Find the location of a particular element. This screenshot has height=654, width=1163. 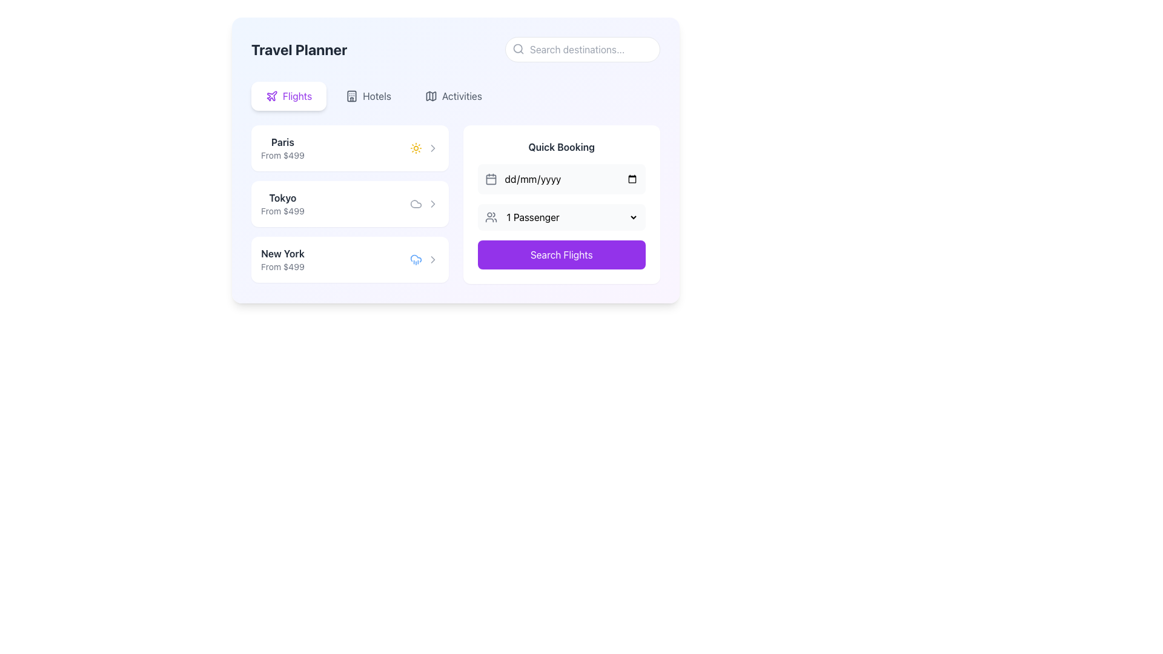

the Dropdown menu for selecting the number of passengers in the 'Quick Booking' section to interact with its contents is located at coordinates (560, 216).